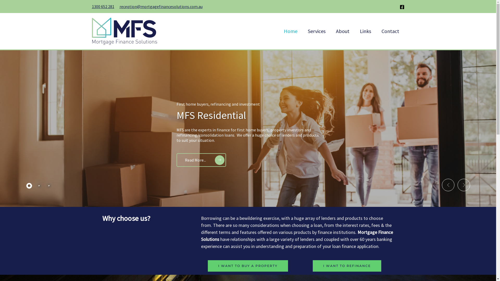 The width and height of the screenshot is (500, 281). I want to click on 'MFS Residential', so click(211, 115).